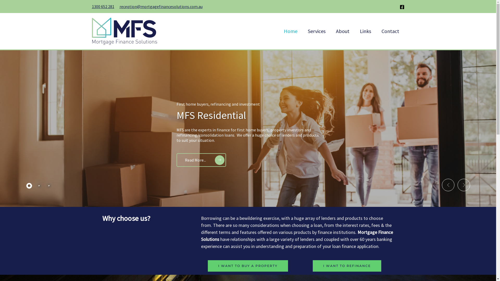 The width and height of the screenshot is (500, 281). I want to click on 'MFS Residential', so click(211, 115).